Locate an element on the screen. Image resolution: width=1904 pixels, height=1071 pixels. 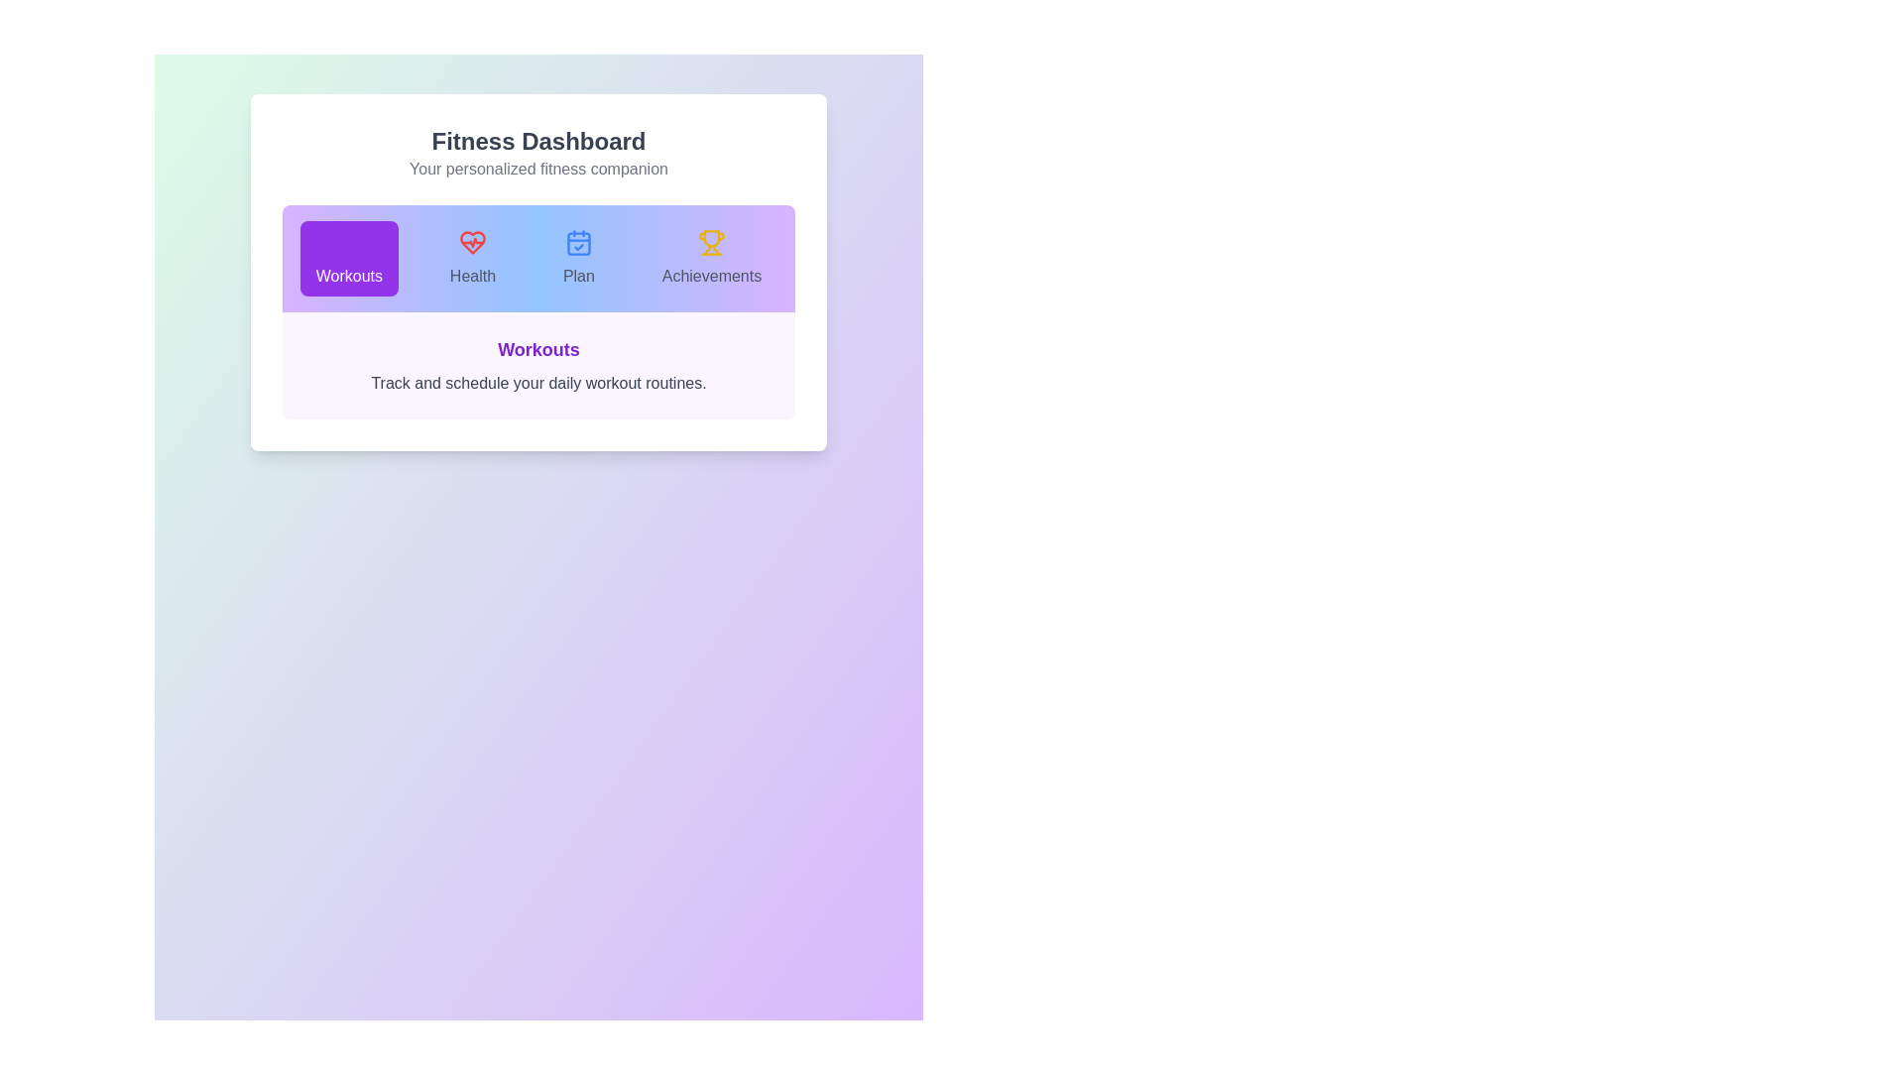
the tab icon corresponding to Plan is located at coordinates (577, 258).